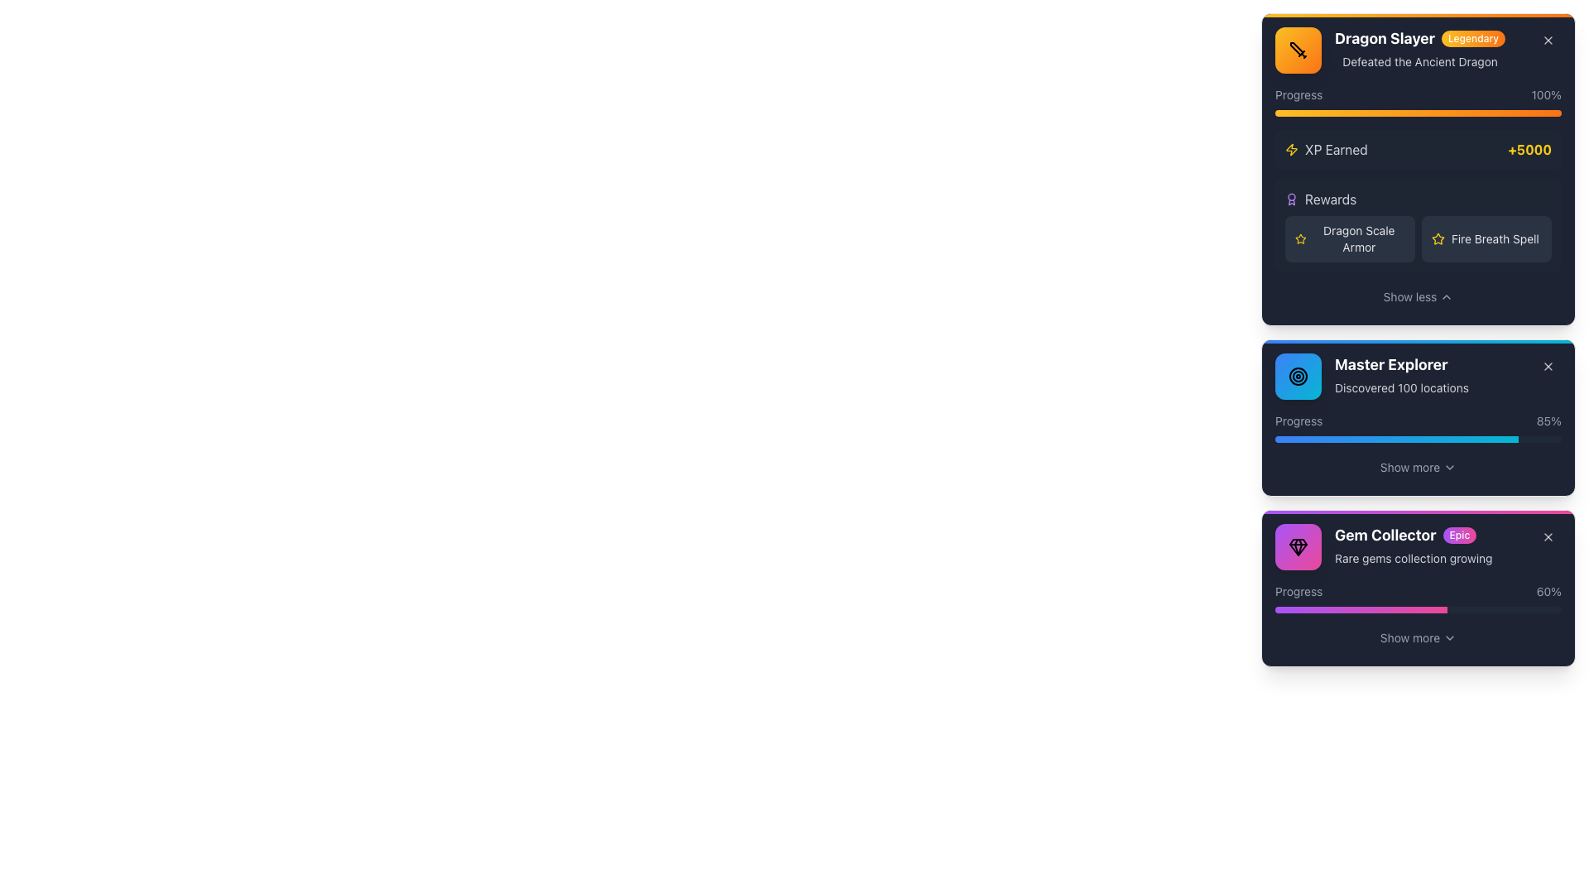 The width and height of the screenshot is (1589, 894). Describe the element at coordinates (1298, 377) in the screenshot. I see `the Decorative icon or button, which is a square button with rounded corners and a target icon at its center, located on the left side of the 'Master Explorer' card` at that location.